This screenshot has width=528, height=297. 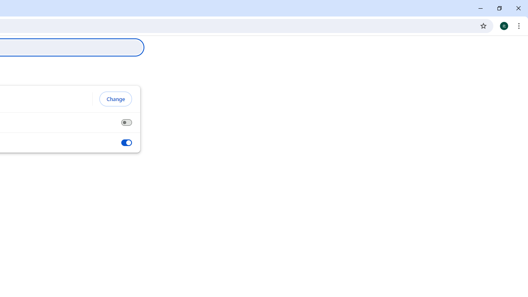 What do you see at coordinates (126, 142) in the screenshot?
I see `'Show downloads when they'` at bounding box center [126, 142].